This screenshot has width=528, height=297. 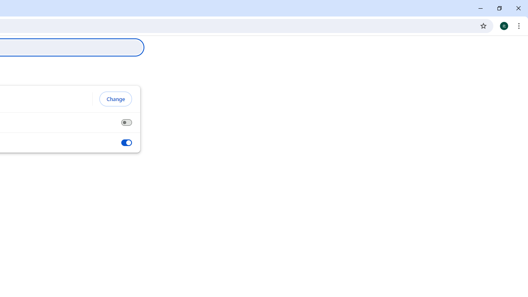 What do you see at coordinates (126, 142) in the screenshot?
I see `'Show downloads when they'` at bounding box center [126, 142].